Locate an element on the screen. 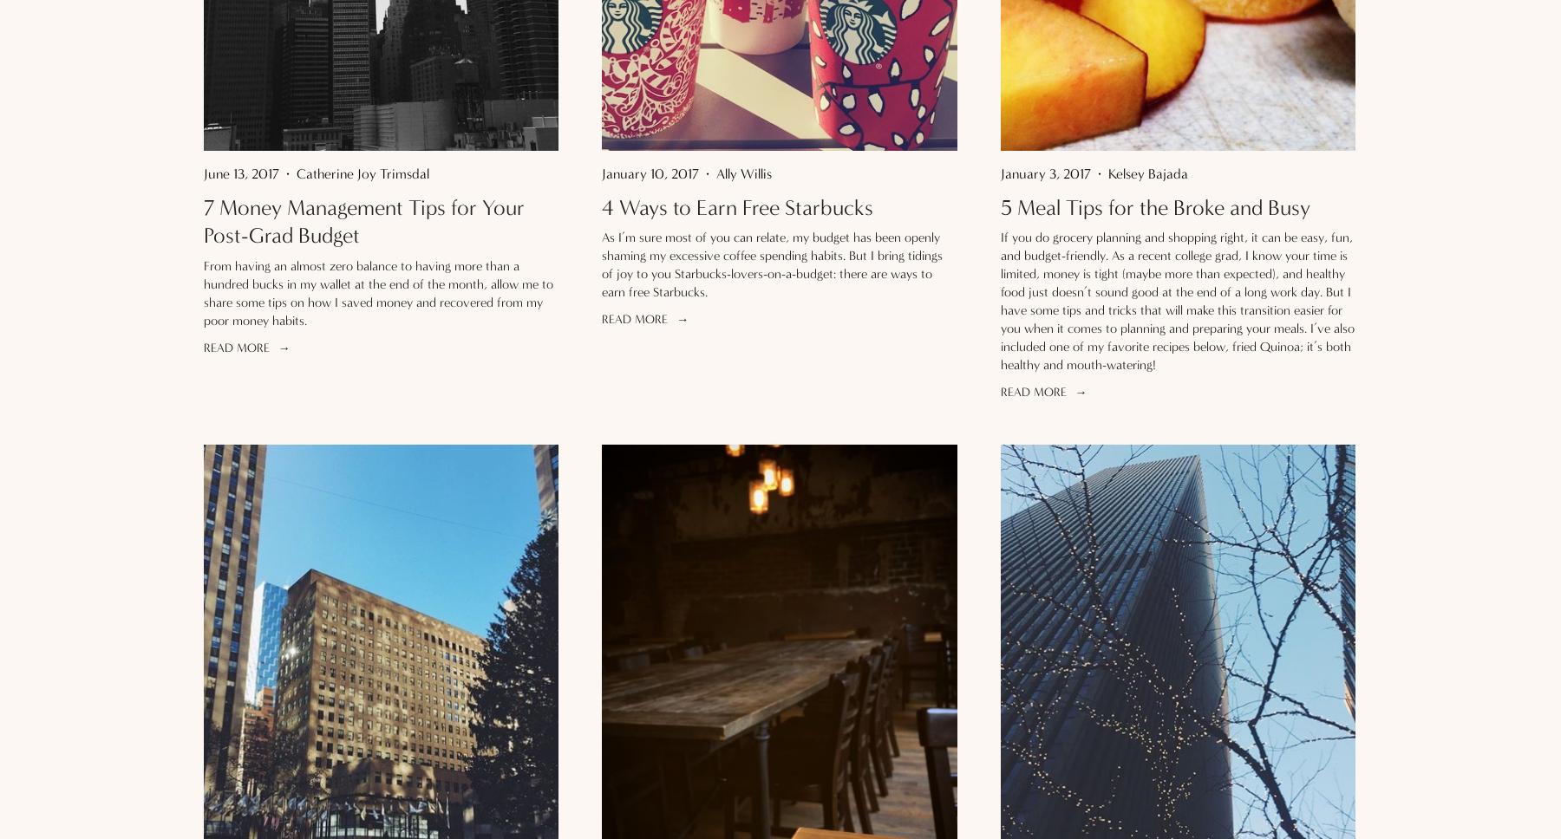 This screenshot has height=839, width=1561. 'If you do grocery planning and shopping right, it can be easy, fun, and budget-friendly. As a recent college grad, I know your time is limited, money is tight (maybe more than expected), and healthy food just doesn’t sound good at the end of a long work day. But I have some tips and tricks that will make this transition easier for you when it comes to planning and preparing your meals. I’ve also included one of my favorite recipes below, fried Quinoa; it’s both healthy and mouth-watering!' is located at coordinates (1176, 301).